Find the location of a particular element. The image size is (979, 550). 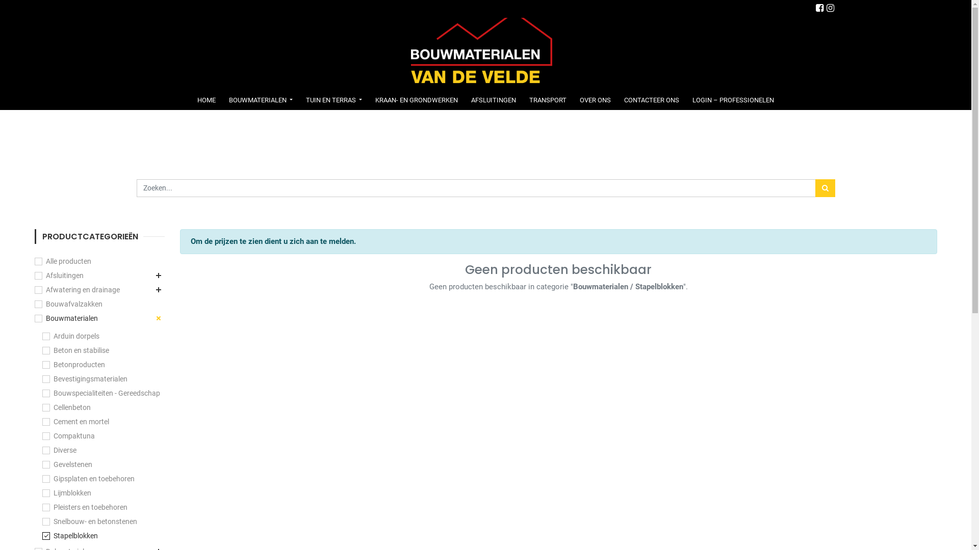

'TRANSPORT' is located at coordinates (547, 100).